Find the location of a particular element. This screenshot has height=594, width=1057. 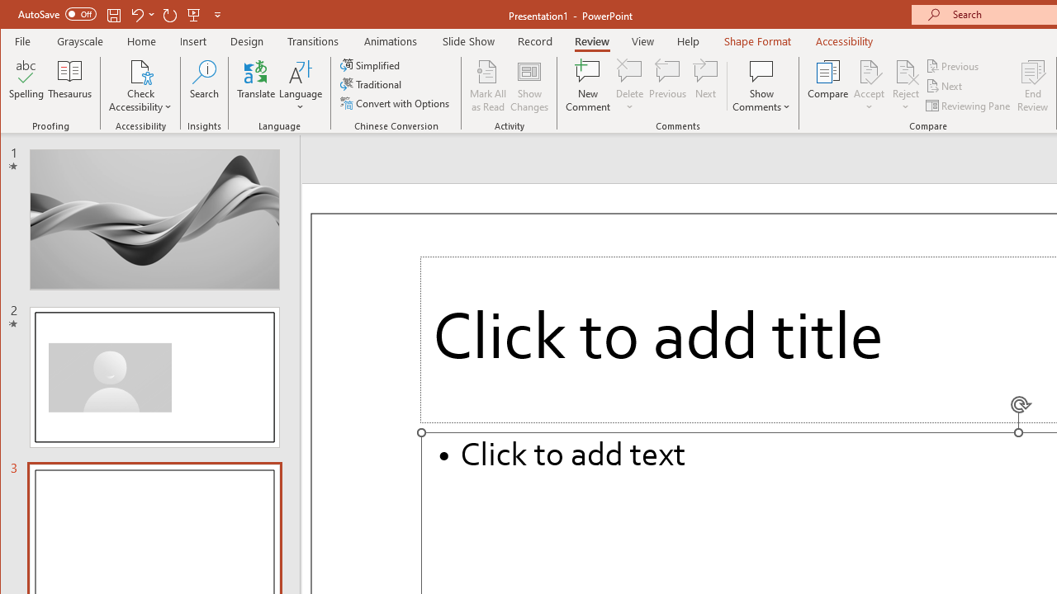

'Search' is located at coordinates (203, 86).